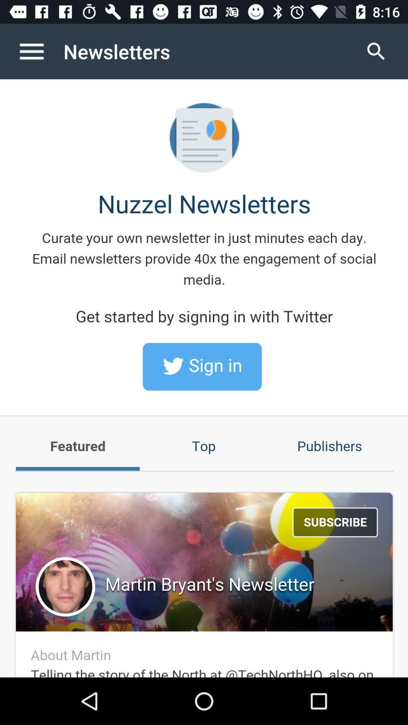  What do you see at coordinates (39, 51) in the screenshot?
I see `menu` at bounding box center [39, 51].